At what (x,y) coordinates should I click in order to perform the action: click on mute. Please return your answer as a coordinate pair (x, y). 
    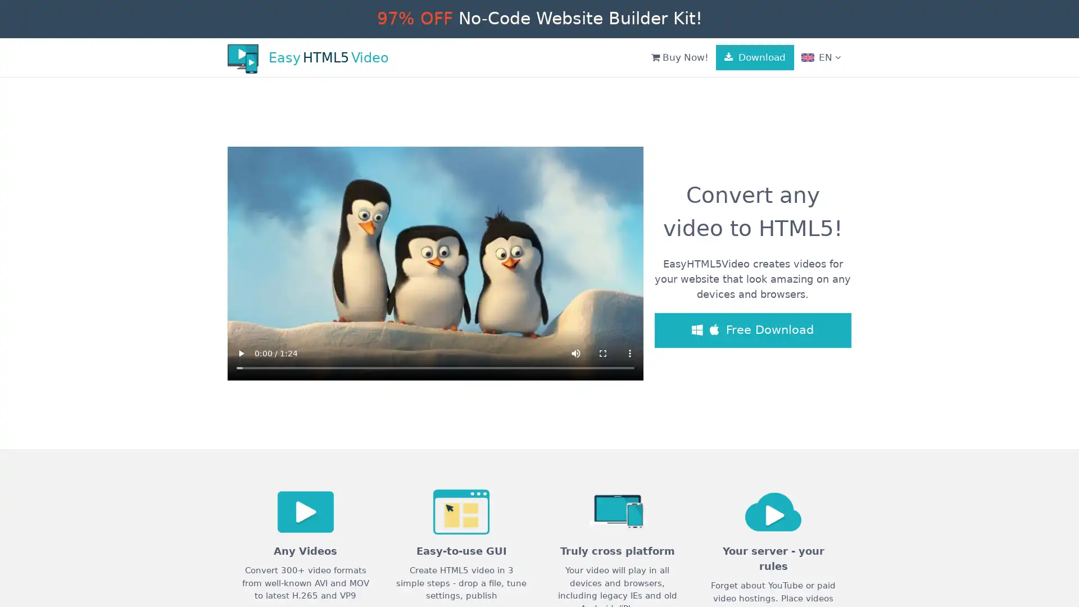
    Looking at the image, I should click on (576, 352).